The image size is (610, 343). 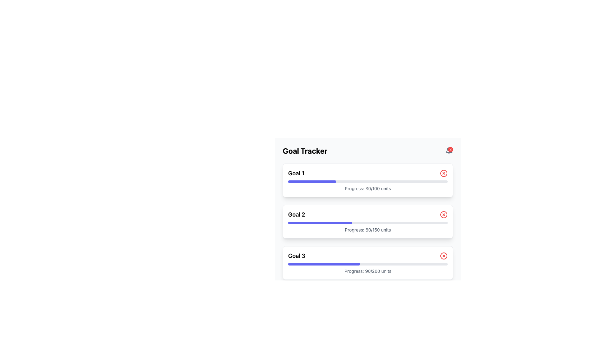 What do you see at coordinates (443, 214) in the screenshot?
I see `the red circular cancel button with an 'X' inside, located in the 'Goal 2' section` at bounding box center [443, 214].